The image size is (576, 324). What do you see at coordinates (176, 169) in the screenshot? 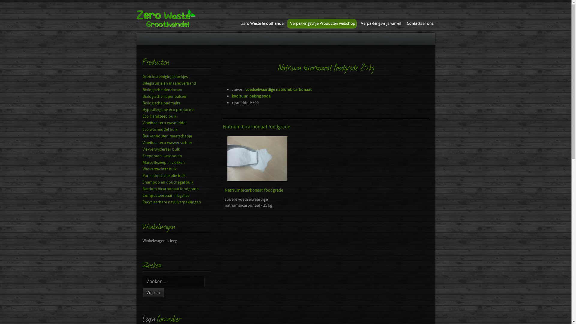
I see `'Wasverzachter bulk'` at bounding box center [176, 169].